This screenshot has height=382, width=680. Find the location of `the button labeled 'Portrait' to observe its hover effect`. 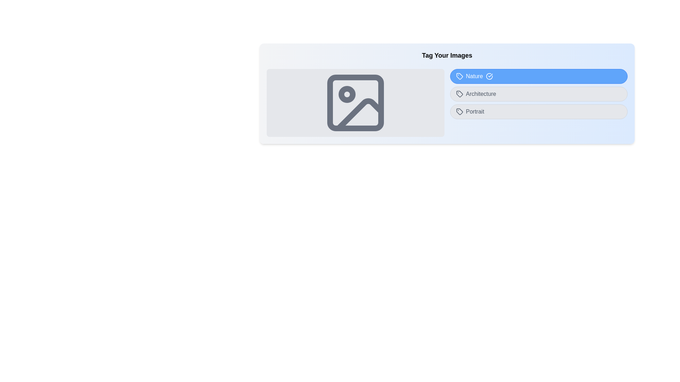

the button labeled 'Portrait' to observe its hover effect is located at coordinates (538, 111).